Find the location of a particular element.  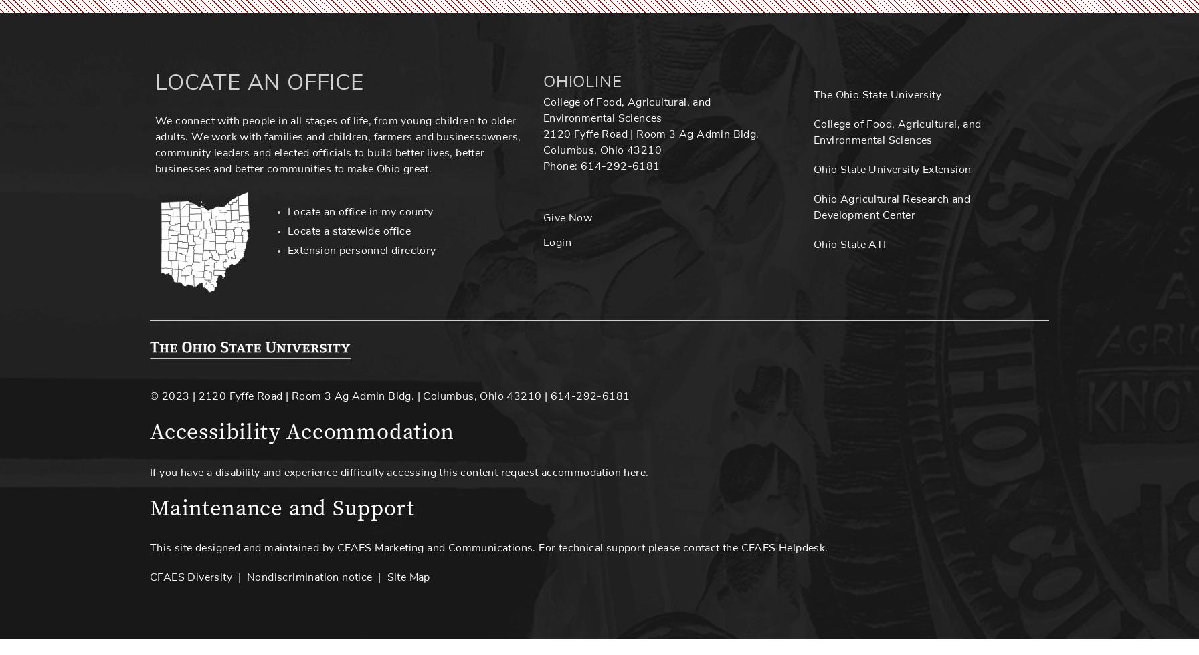

'Locate an office in my county' is located at coordinates (360, 212).